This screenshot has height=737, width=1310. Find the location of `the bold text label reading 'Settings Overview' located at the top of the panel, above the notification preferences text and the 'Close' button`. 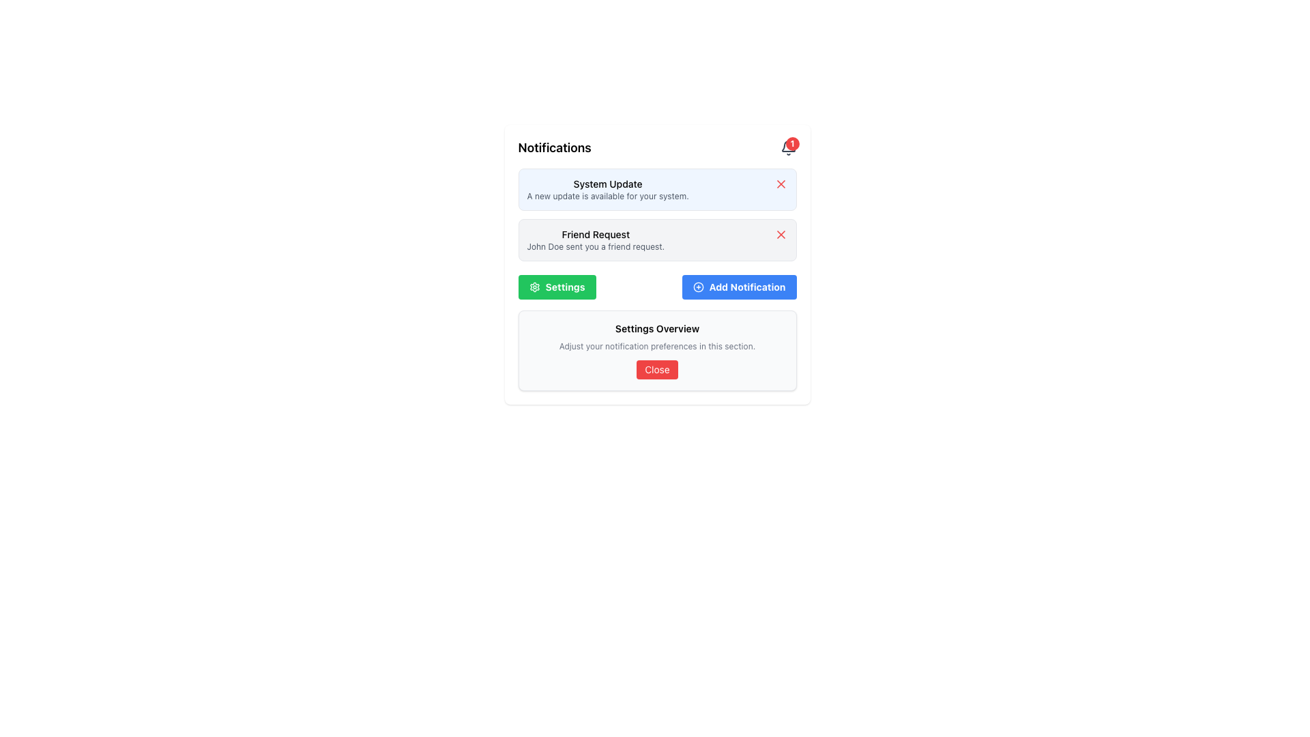

the bold text label reading 'Settings Overview' located at the top of the panel, above the notification preferences text and the 'Close' button is located at coordinates (657, 329).